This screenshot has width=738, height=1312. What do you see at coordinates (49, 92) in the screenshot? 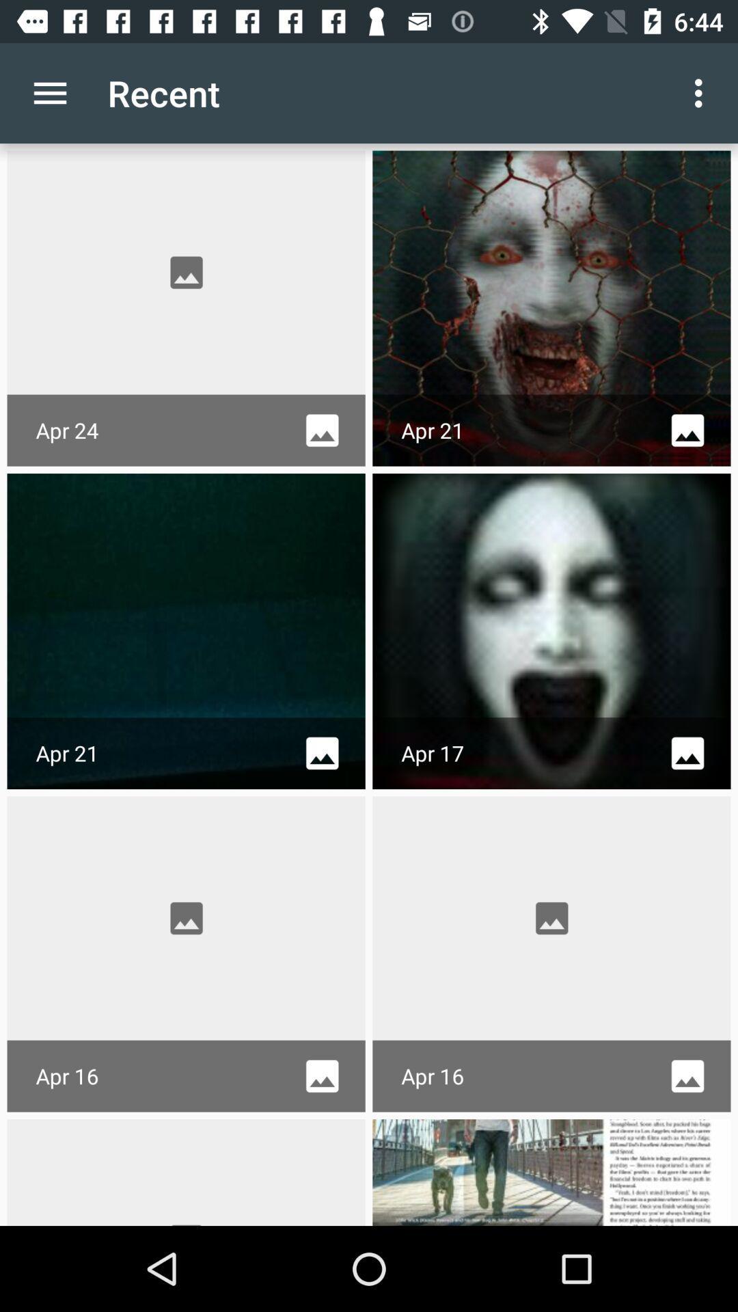
I see `item to the left of recent` at bounding box center [49, 92].